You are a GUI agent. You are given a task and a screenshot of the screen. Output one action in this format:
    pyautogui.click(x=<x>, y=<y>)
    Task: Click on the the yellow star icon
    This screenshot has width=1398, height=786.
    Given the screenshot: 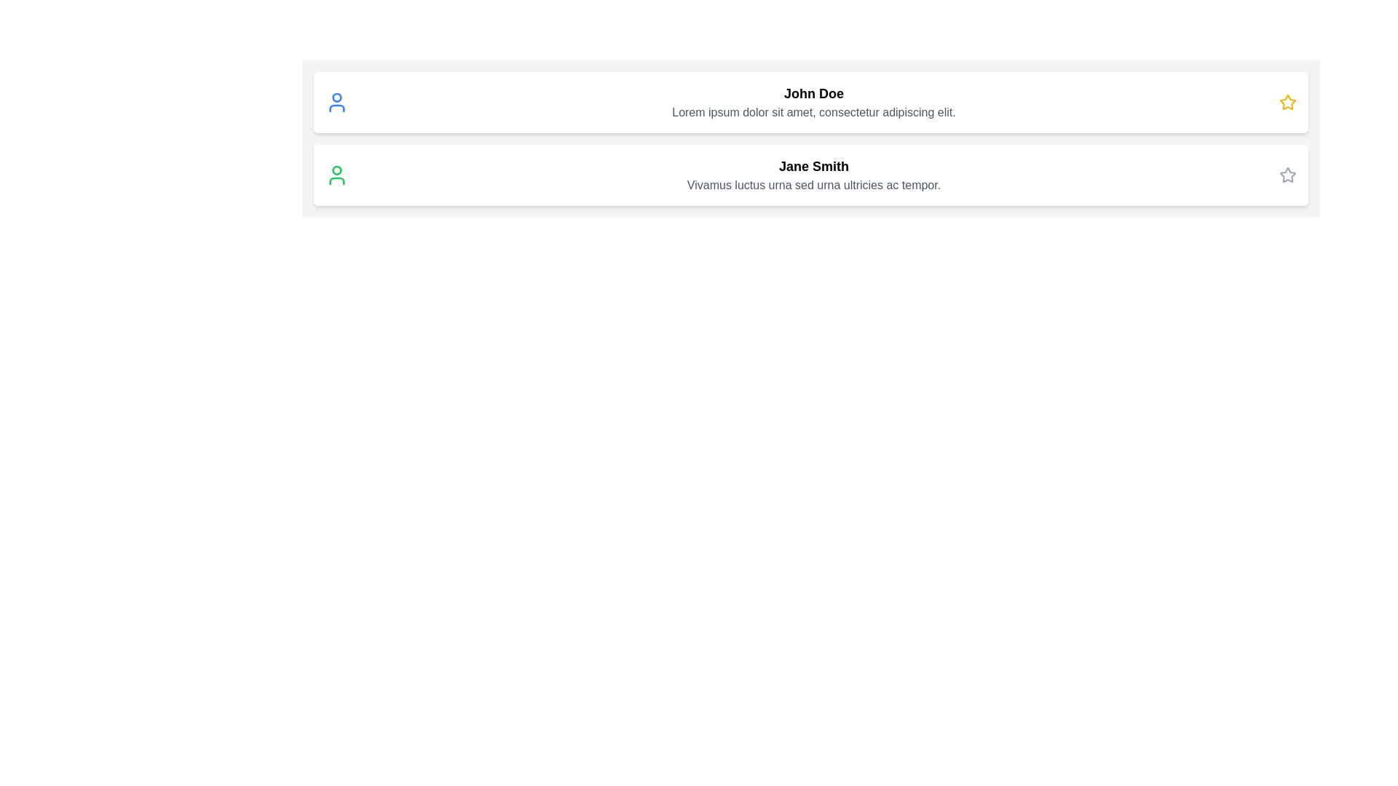 What is the action you would take?
    pyautogui.click(x=1288, y=102)
    